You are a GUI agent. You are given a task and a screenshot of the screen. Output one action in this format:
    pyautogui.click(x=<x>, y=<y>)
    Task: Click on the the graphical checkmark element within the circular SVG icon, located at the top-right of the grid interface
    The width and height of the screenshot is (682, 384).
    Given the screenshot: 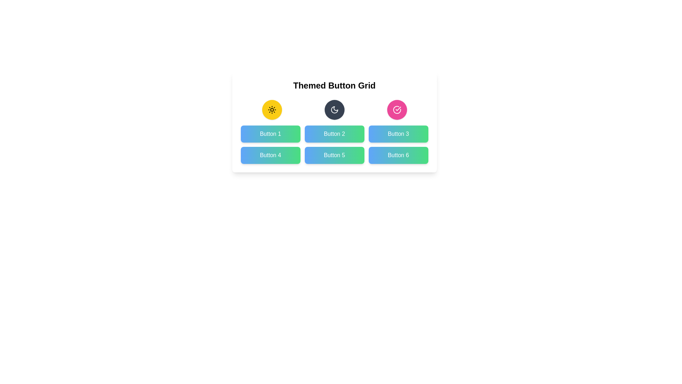 What is the action you would take?
    pyautogui.click(x=398, y=108)
    